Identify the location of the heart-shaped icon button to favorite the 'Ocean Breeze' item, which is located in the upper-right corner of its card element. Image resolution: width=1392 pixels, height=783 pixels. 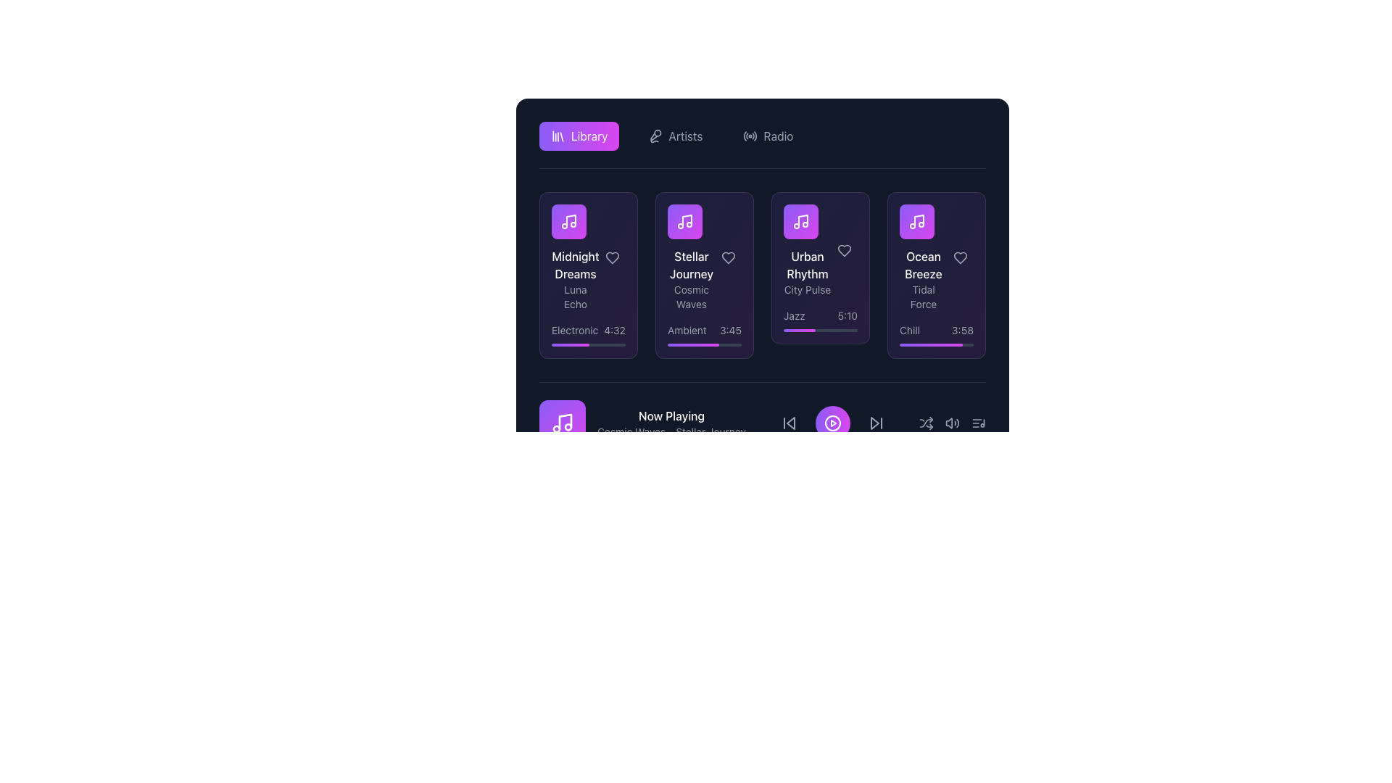
(960, 257).